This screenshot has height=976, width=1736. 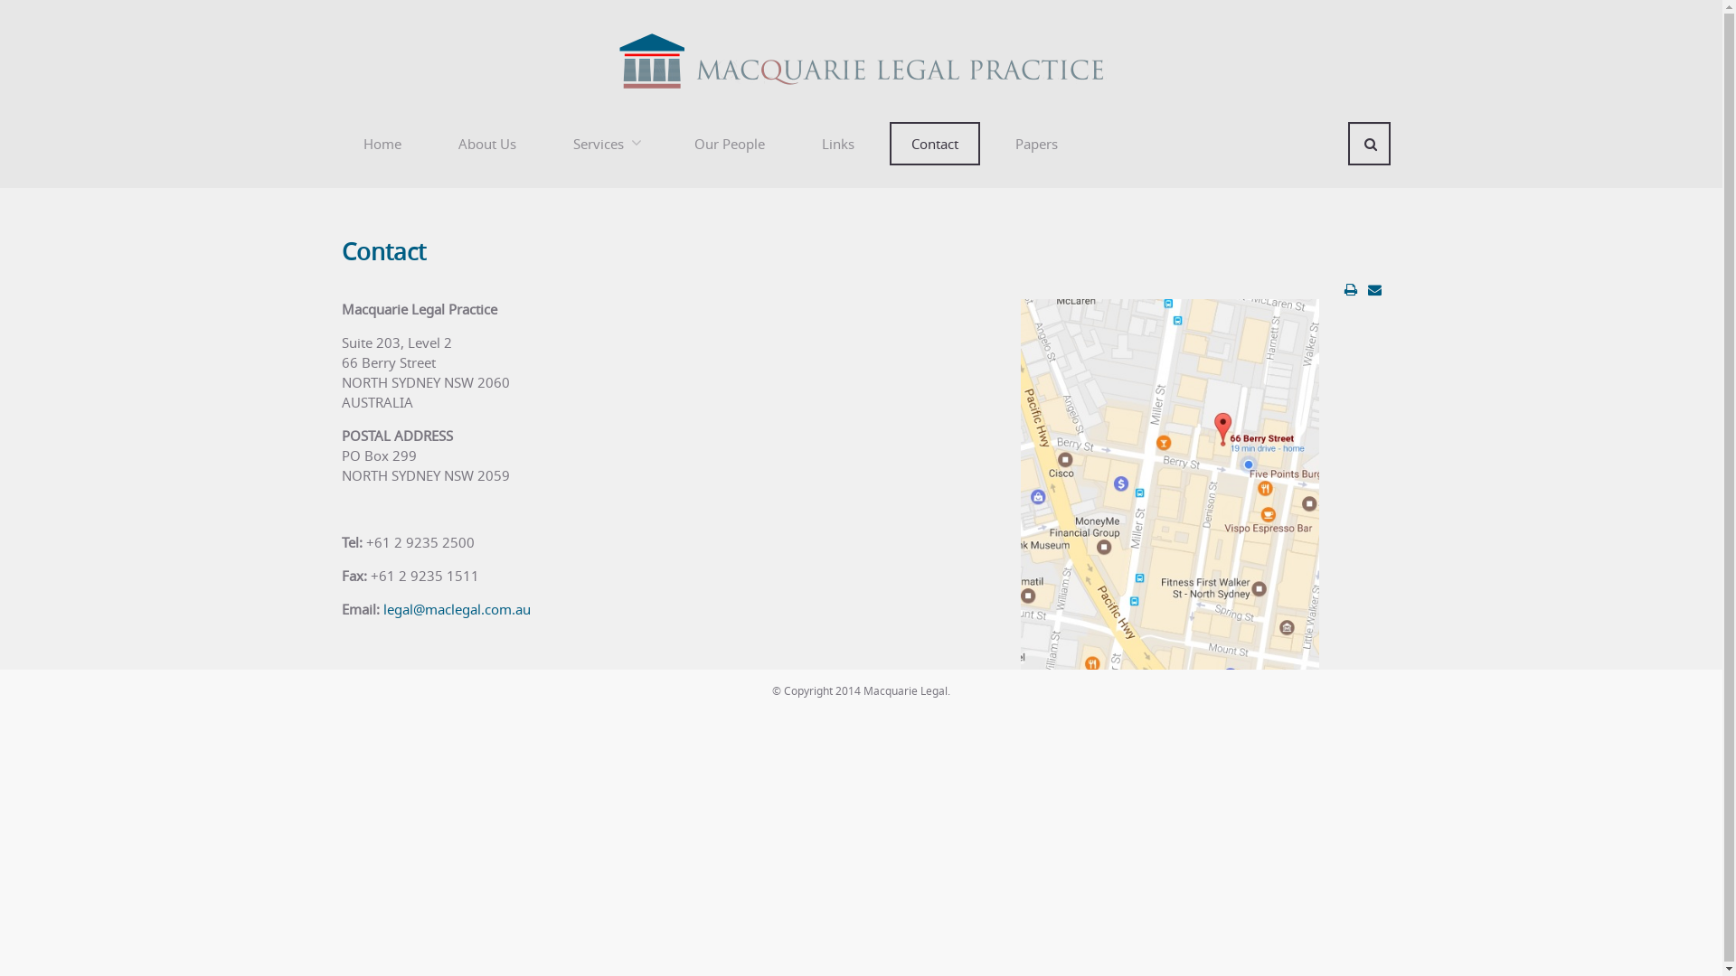 I want to click on 'Services', so click(x=605, y=142).